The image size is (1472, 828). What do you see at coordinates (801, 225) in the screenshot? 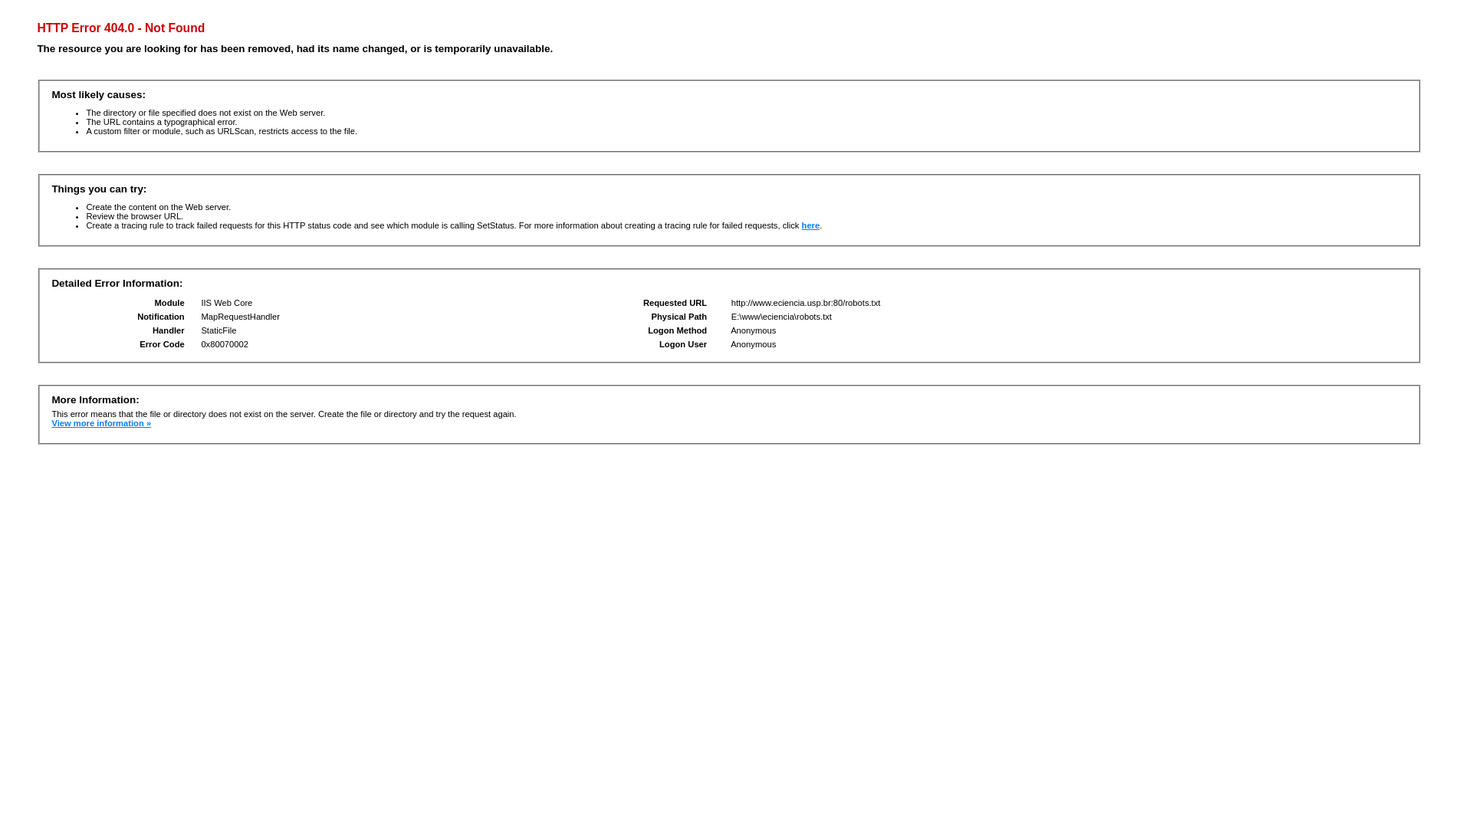
I see `'here'` at bounding box center [801, 225].